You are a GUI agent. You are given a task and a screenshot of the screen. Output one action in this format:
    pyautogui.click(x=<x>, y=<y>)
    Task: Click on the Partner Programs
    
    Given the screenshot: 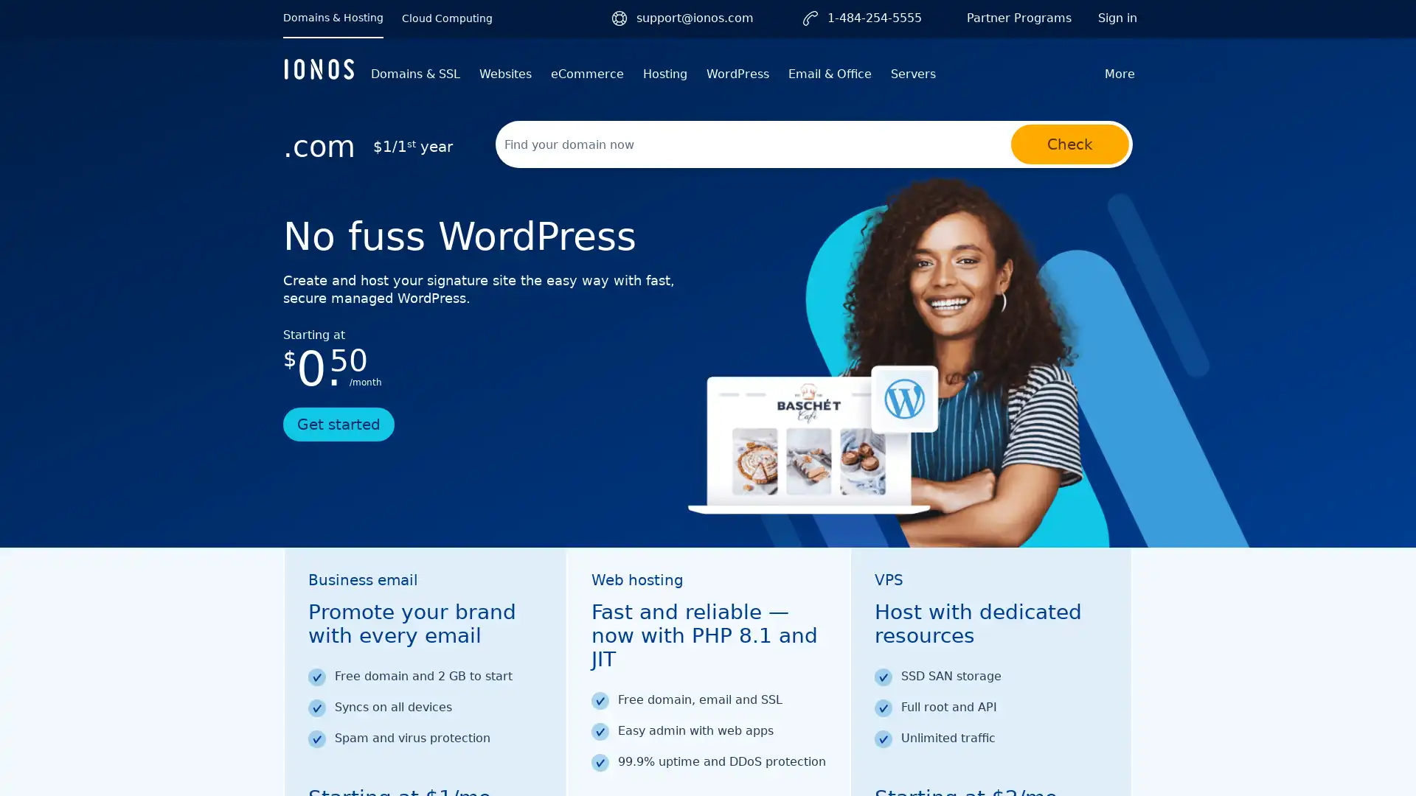 What is the action you would take?
    pyautogui.click(x=1018, y=18)
    